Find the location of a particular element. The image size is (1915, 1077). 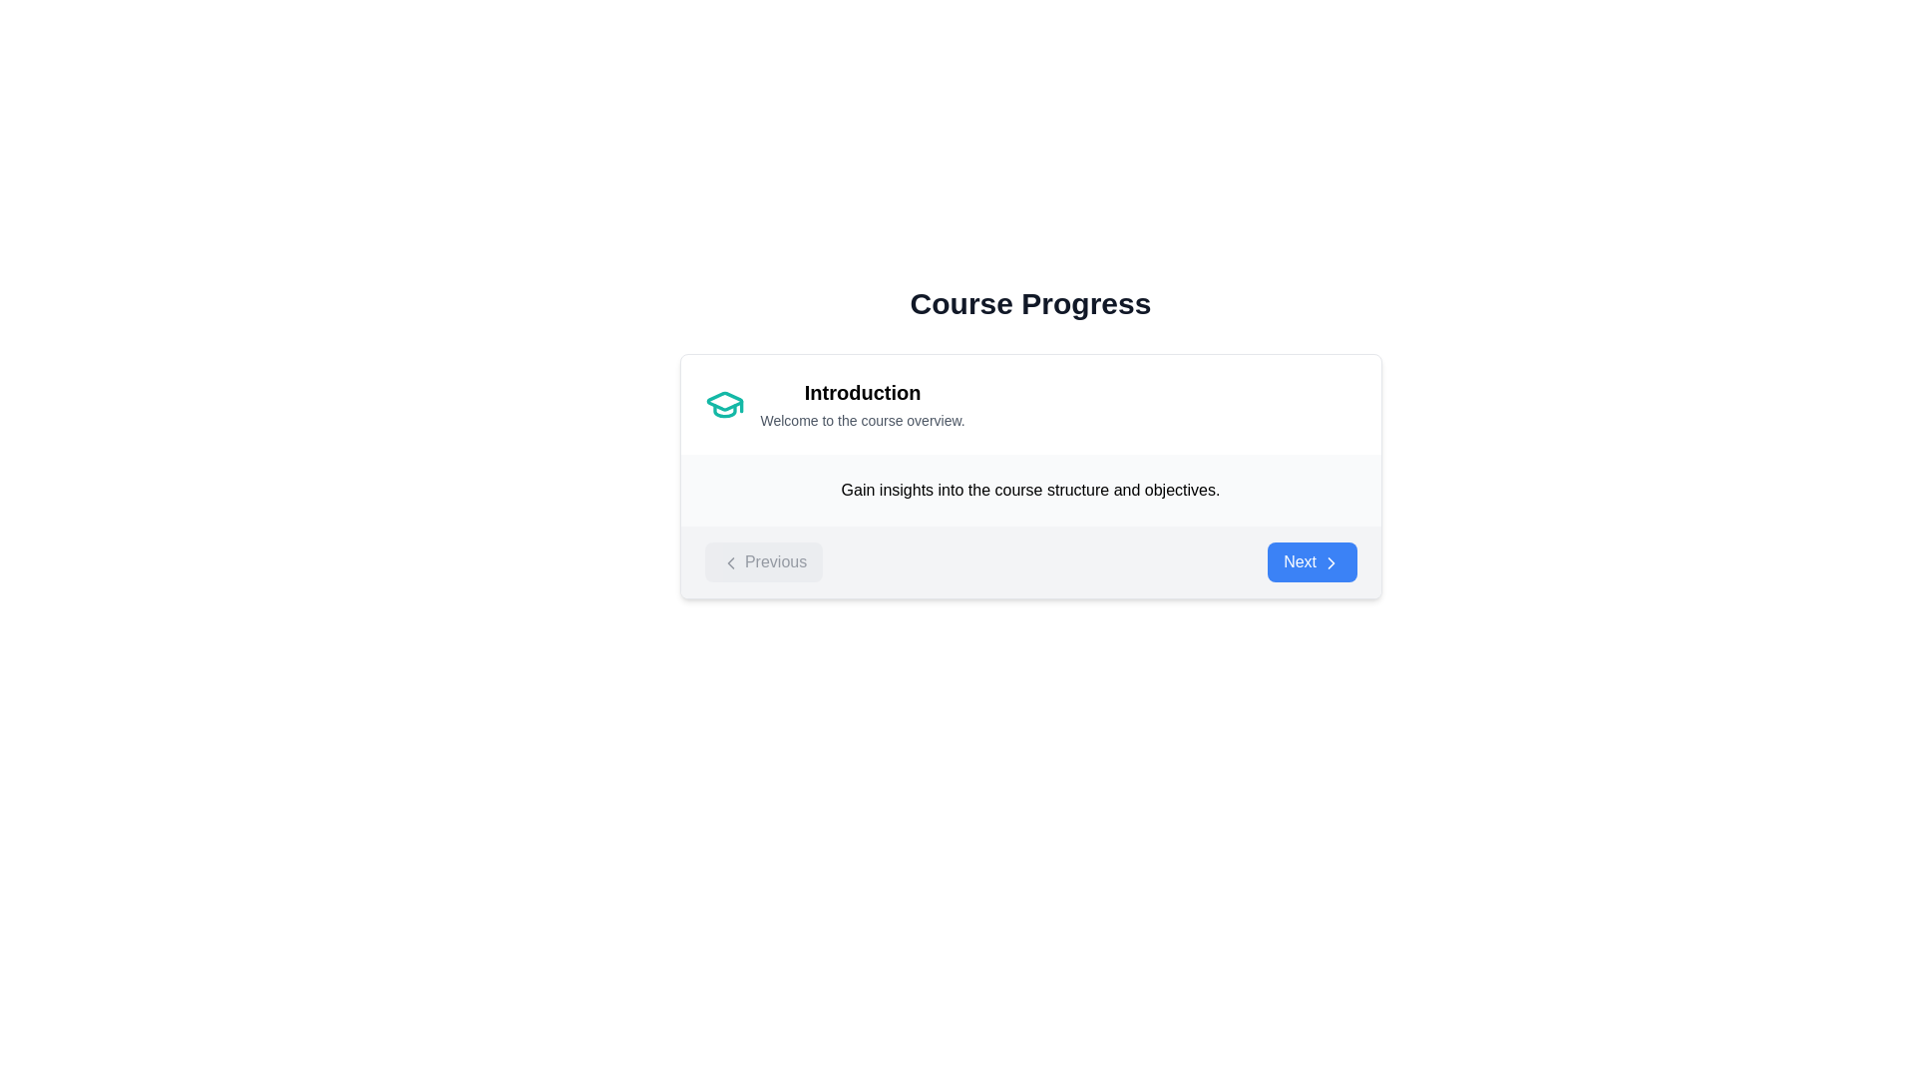

the text label displaying 'Introduction', which is styled as a bold heading and positioned above the subtitle 'Welcome to the course overview.' is located at coordinates (863, 392).